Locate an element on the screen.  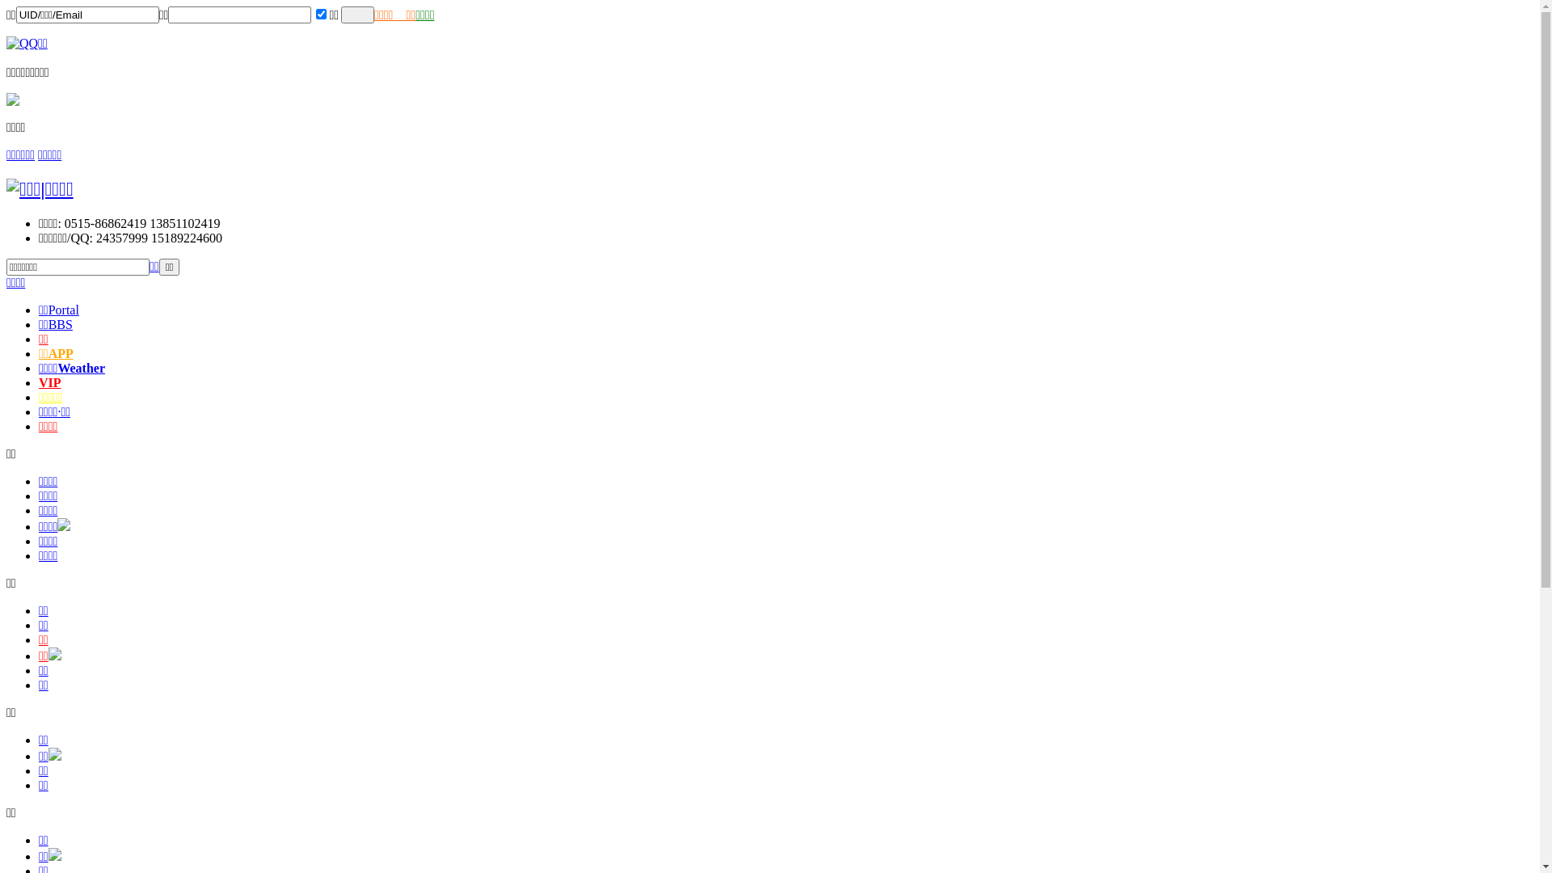
'    ' is located at coordinates (356, 15).